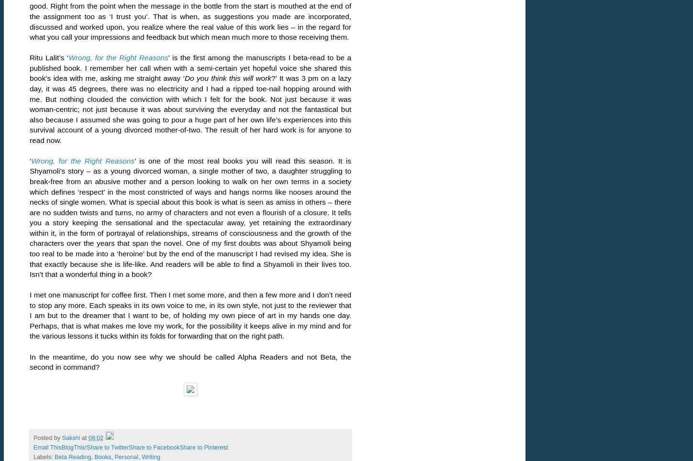  What do you see at coordinates (29, 361) in the screenshot?
I see `'In the meantime, do you now see why we should be called Alpha Readers and not Beta, the second in command?'` at bounding box center [29, 361].